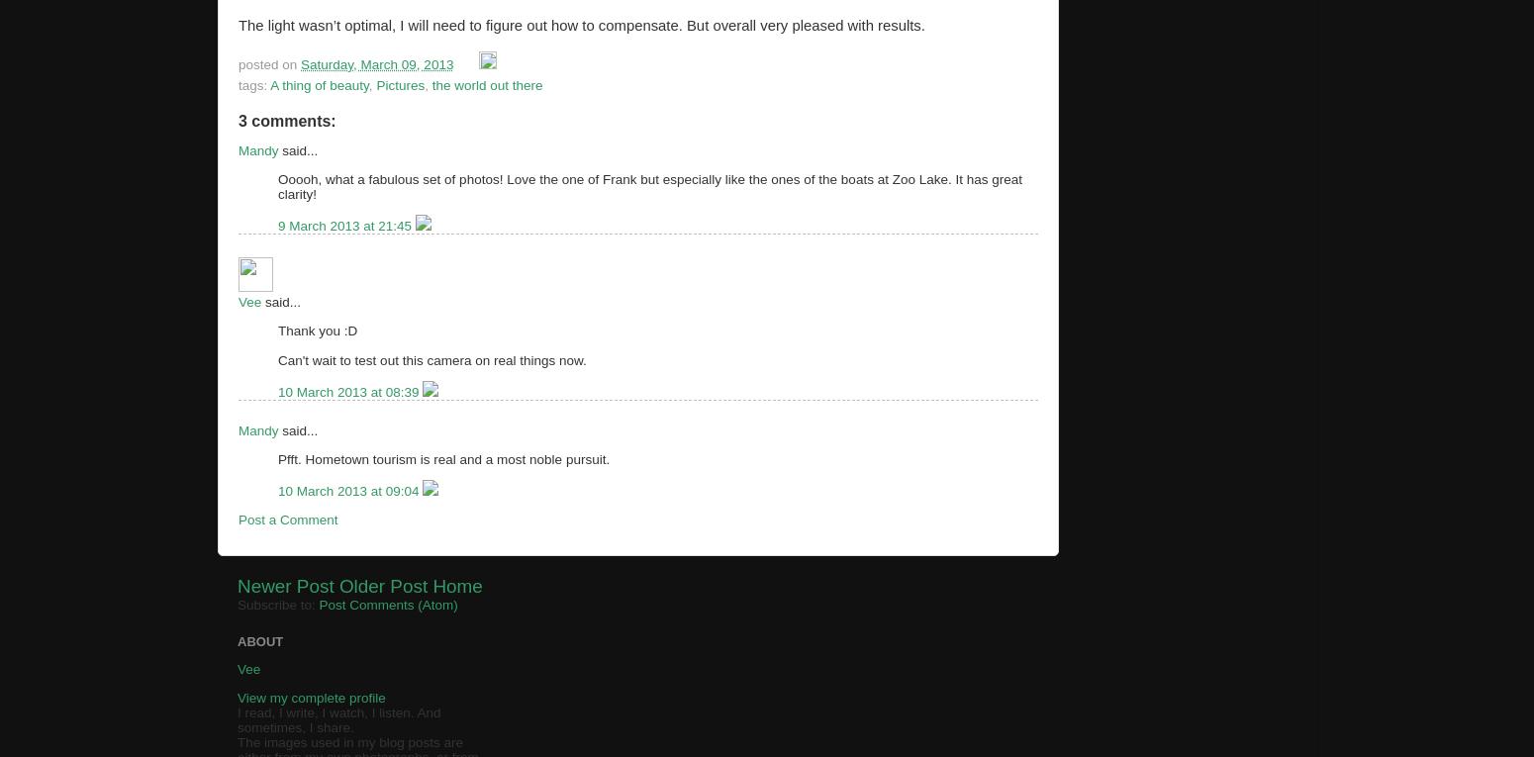  I want to click on 'Older Post', so click(382, 586).